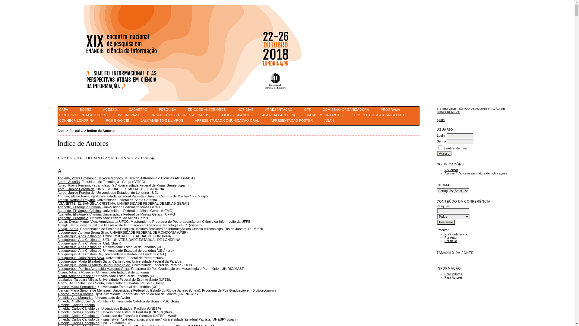 This screenshot has height=326, width=579. I want to click on 'P', so click(106, 158).